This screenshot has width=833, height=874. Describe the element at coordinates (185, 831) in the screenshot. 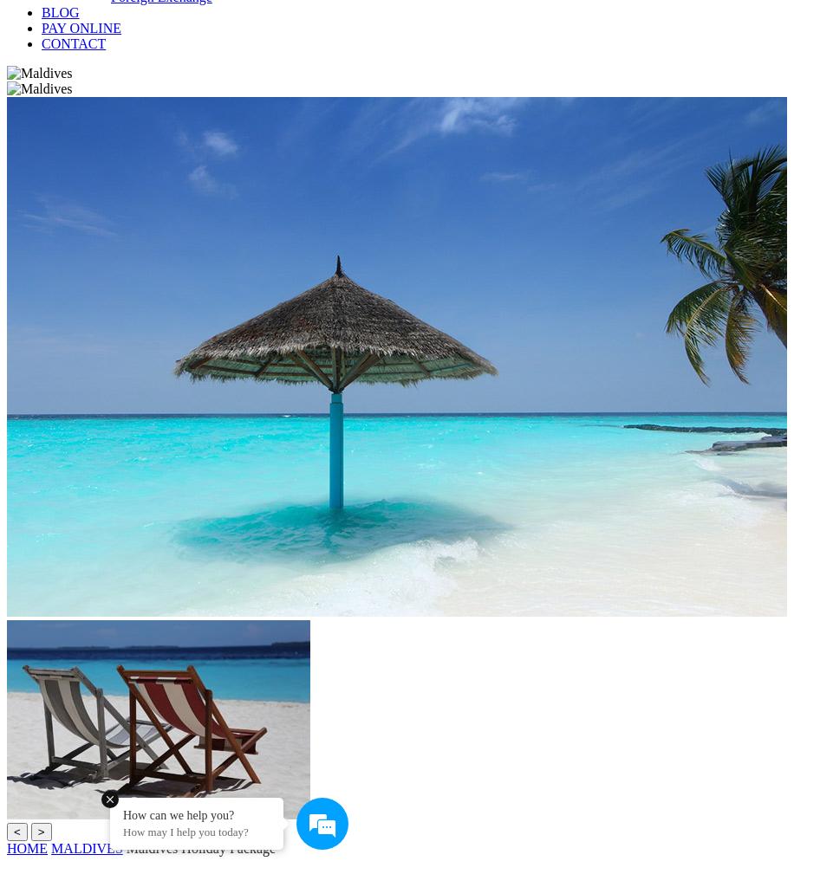

I see `'How may I help you today?'` at that location.